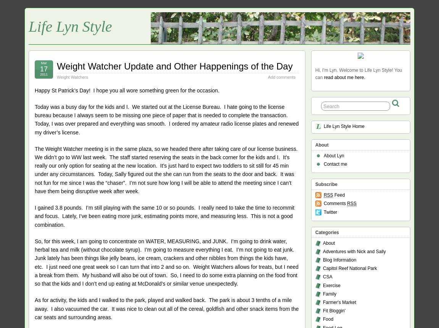 Image resolution: width=439 pixels, height=328 pixels. What do you see at coordinates (339, 195) in the screenshot?
I see `'Feed'` at bounding box center [339, 195].